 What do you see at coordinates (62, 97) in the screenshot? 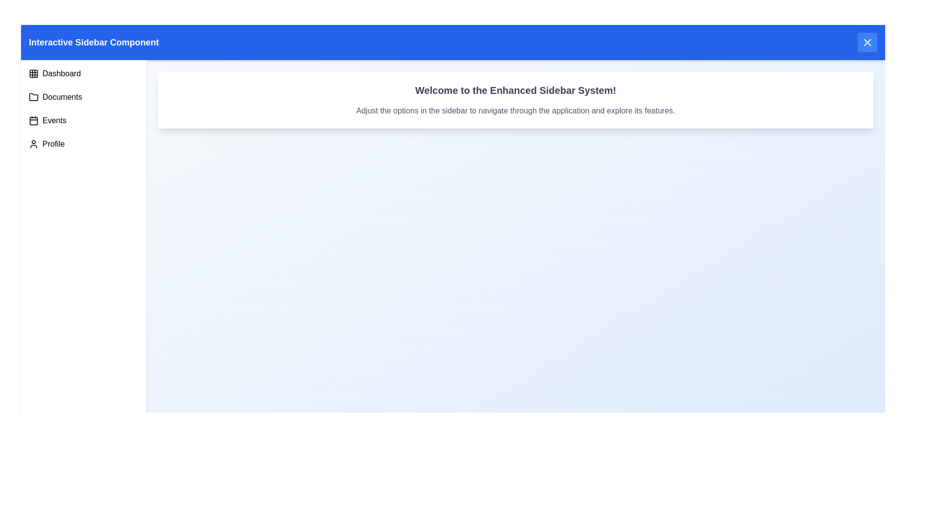
I see `the 'Documents' text label in the sidebar, which is the second item below 'Dashboard' and above 'Events'` at bounding box center [62, 97].